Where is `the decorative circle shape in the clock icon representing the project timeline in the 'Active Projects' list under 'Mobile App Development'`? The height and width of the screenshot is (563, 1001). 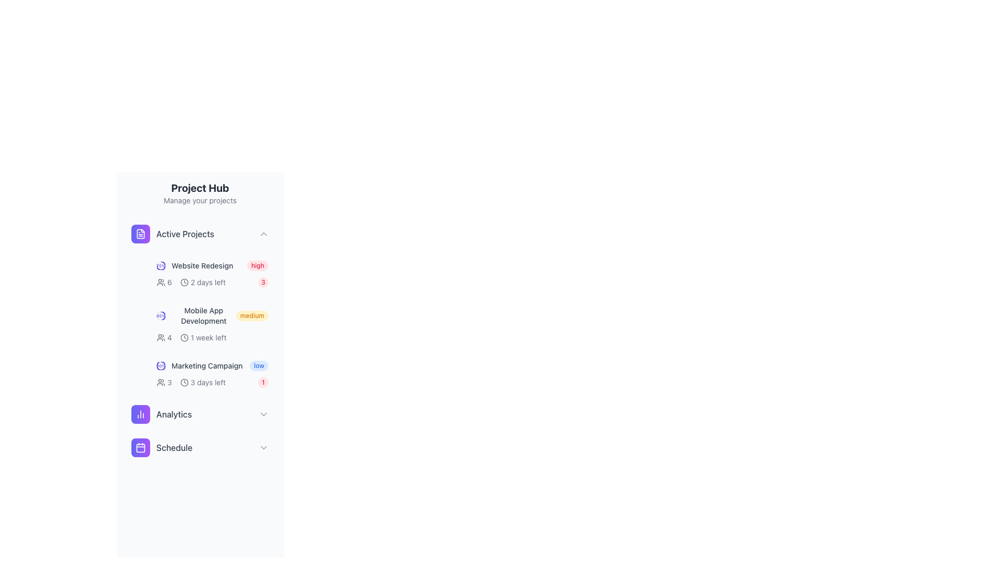 the decorative circle shape in the clock icon representing the project timeline in the 'Active Projects' list under 'Mobile App Development' is located at coordinates (184, 338).